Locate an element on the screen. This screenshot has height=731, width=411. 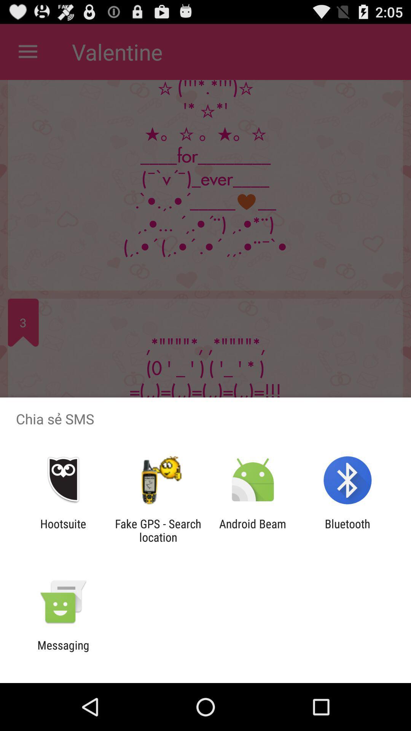
messaging item is located at coordinates (63, 651).